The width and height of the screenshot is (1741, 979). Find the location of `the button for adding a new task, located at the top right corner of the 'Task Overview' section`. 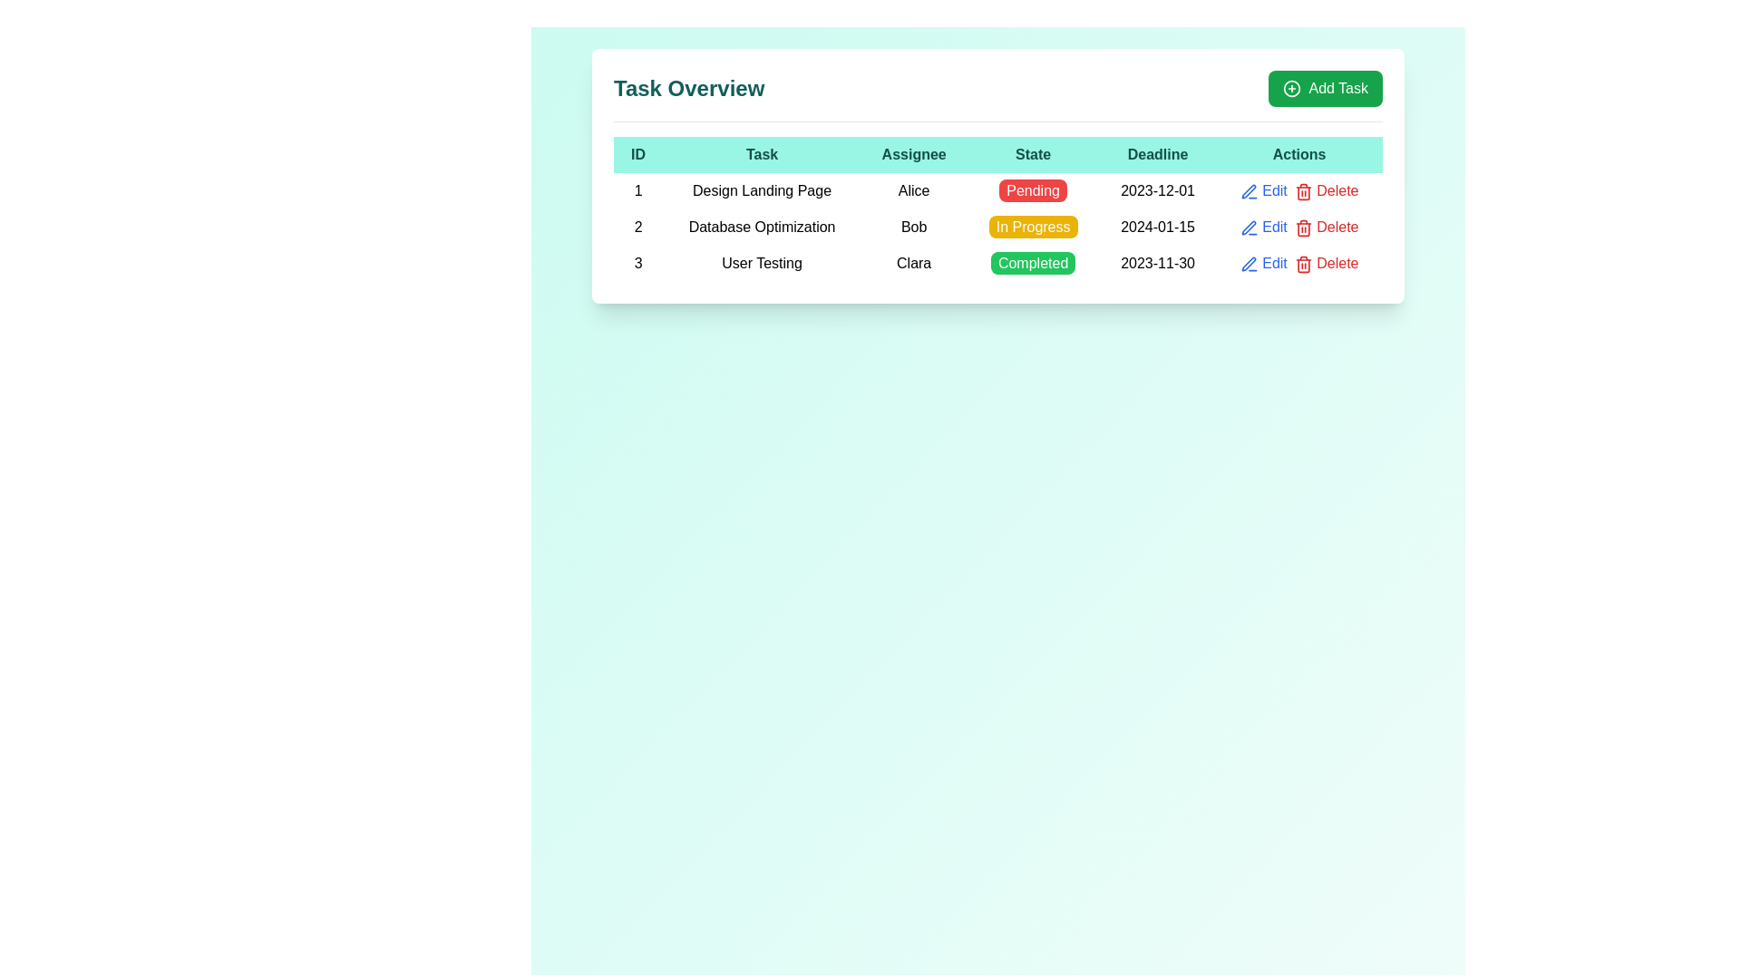

the button for adding a new task, located at the top right corner of the 'Task Overview' section is located at coordinates (1326, 88).